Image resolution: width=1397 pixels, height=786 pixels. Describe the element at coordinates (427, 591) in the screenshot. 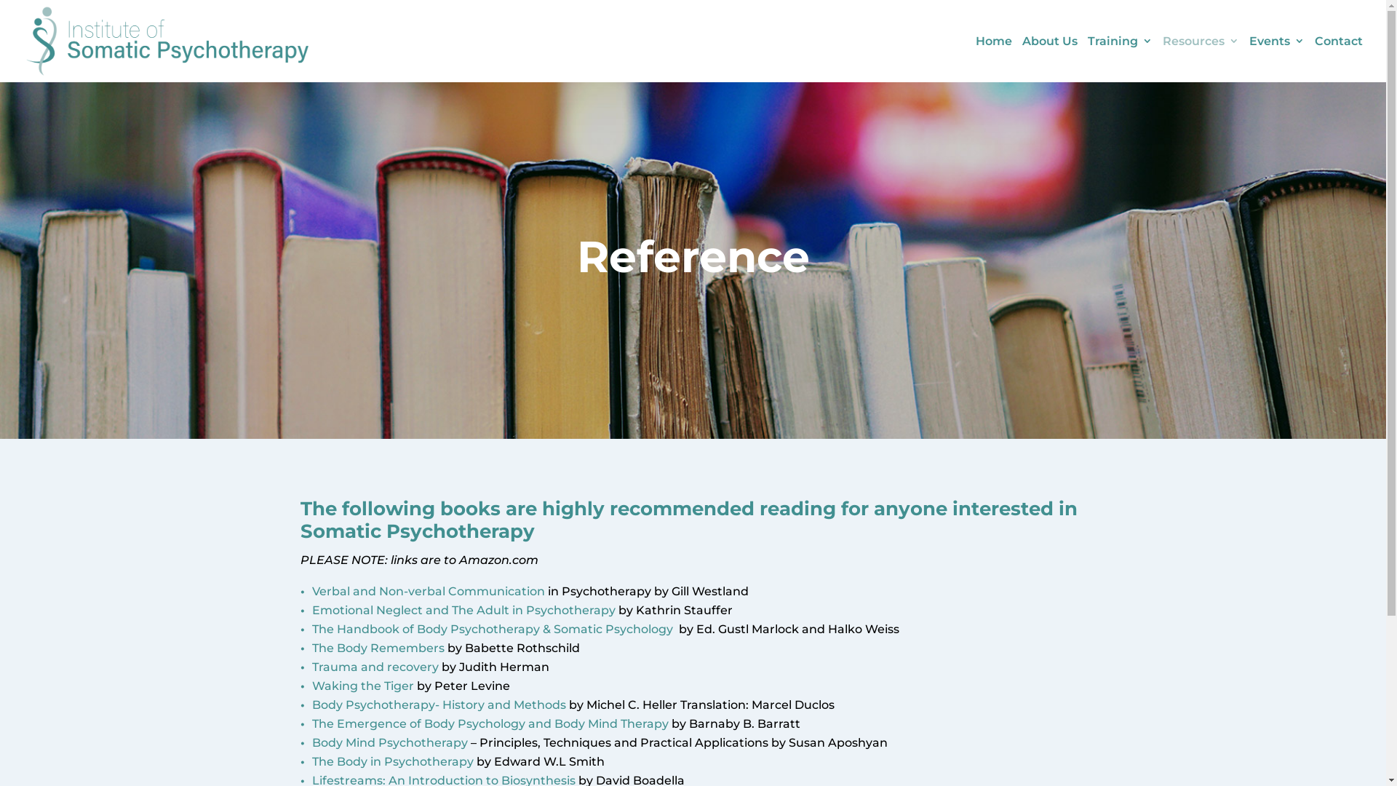

I see `'Verbal and Non-verbal Communication'` at that location.